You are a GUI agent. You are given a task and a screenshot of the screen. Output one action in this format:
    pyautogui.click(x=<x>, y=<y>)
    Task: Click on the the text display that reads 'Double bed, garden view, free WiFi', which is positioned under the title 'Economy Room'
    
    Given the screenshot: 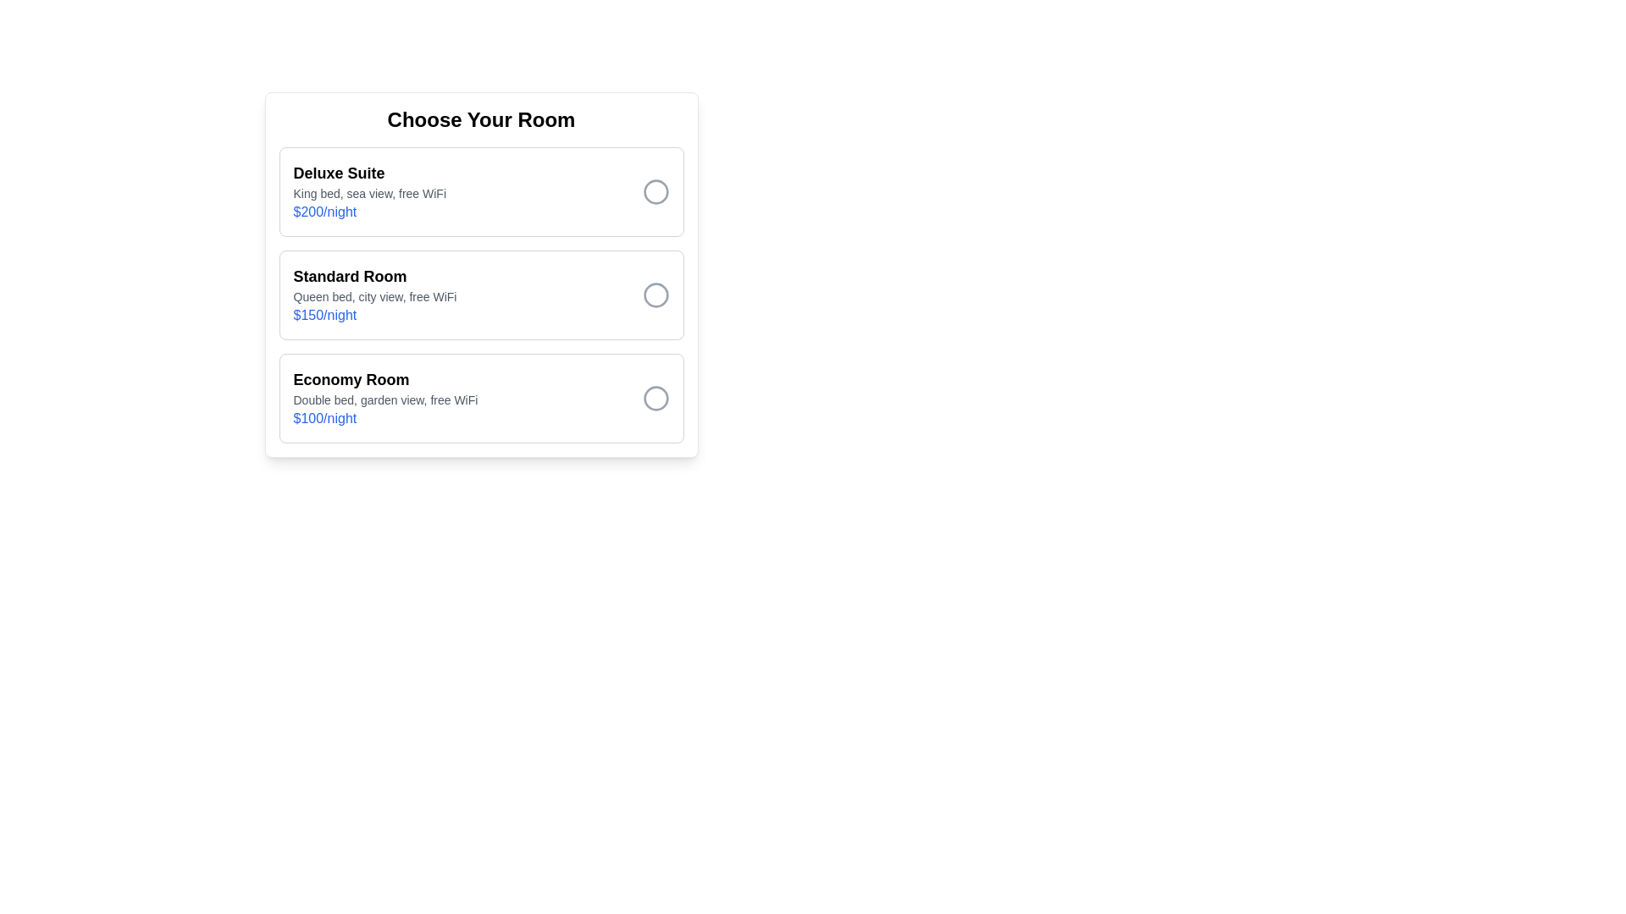 What is the action you would take?
    pyautogui.click(x=384, y=400)
    